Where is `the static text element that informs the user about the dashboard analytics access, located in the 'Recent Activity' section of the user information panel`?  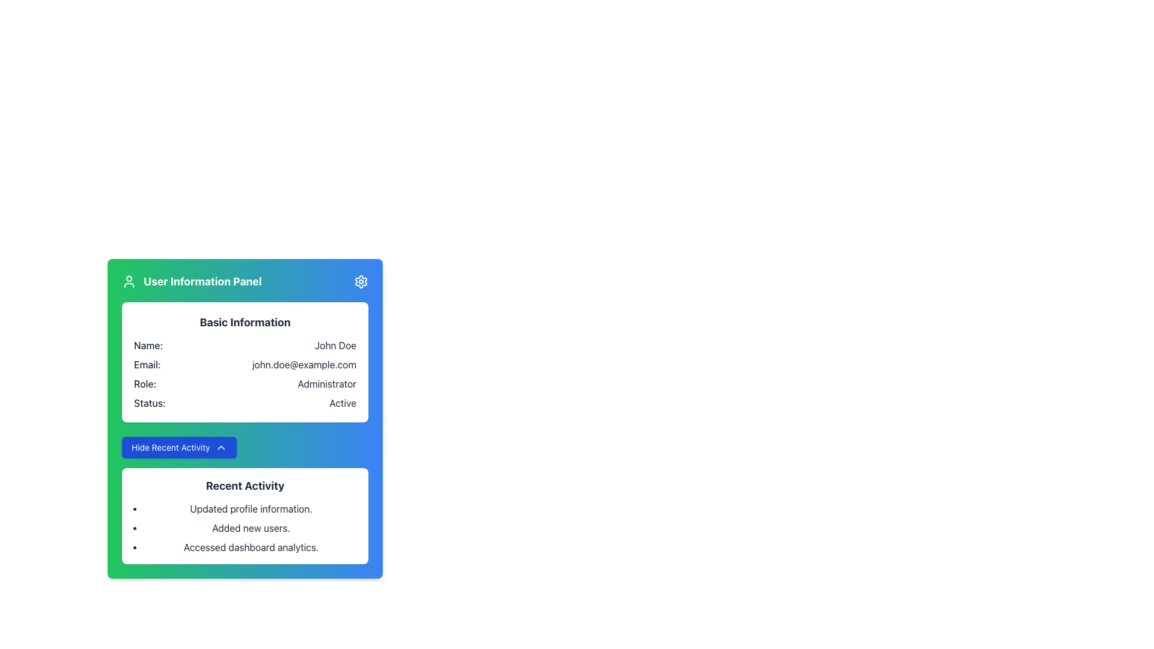
the static text element that informs the user about the dashboard analytics access, located in the 'Recent Activity' section of the user information panel is located at coordinates (250, 547).